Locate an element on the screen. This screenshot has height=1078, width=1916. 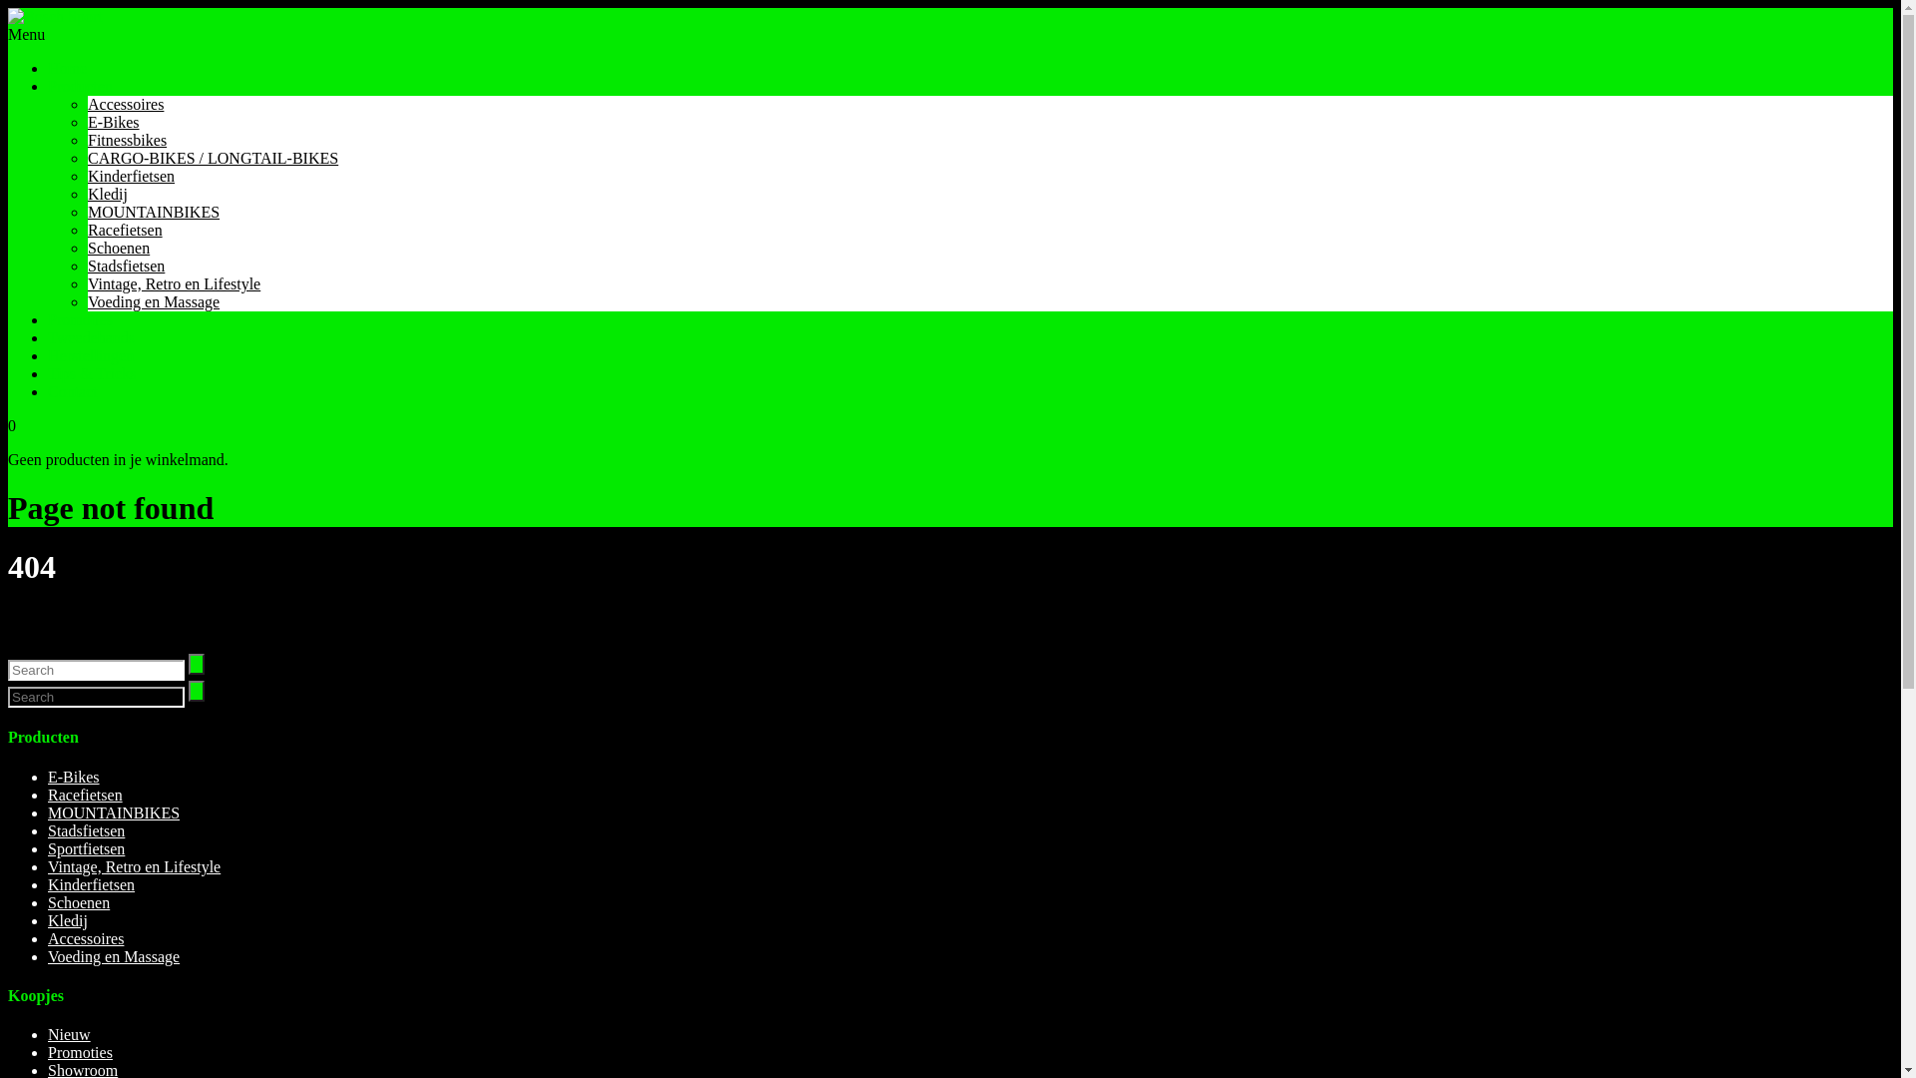
'Herstellingen' is located at coordinates (48, 354).